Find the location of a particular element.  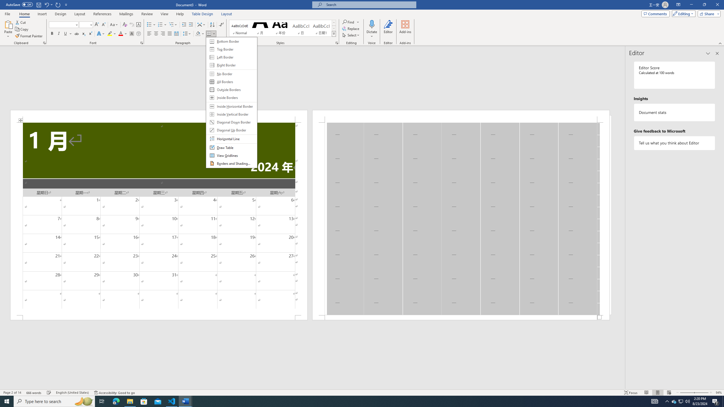

'Font Color RGB(255, 0, 0)' is located at coordinates (120, 33).